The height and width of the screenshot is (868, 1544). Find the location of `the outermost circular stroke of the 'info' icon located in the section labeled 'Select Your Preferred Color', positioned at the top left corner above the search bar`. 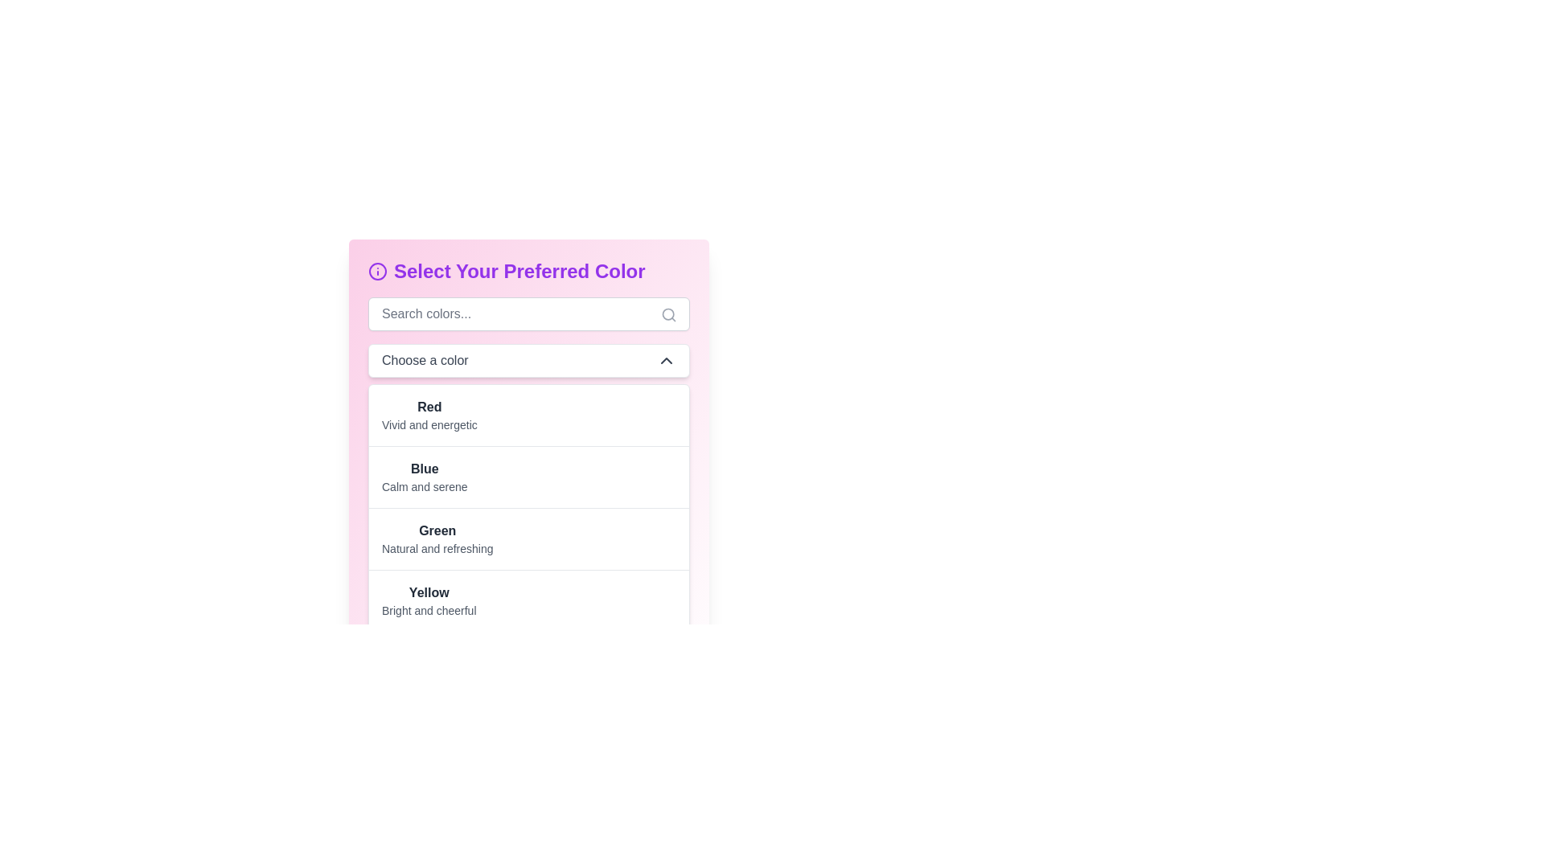

the outermost circular stroke of the 'info' icon located in the section labeled 'Select Your Preferred Color', positioned at the top left corner above the search bar is located at coordinates (377, 271).